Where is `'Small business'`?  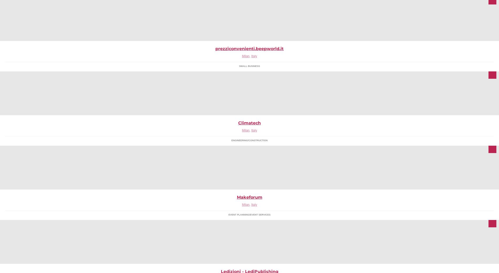
'Small business' is located at coordinates (249, 66).